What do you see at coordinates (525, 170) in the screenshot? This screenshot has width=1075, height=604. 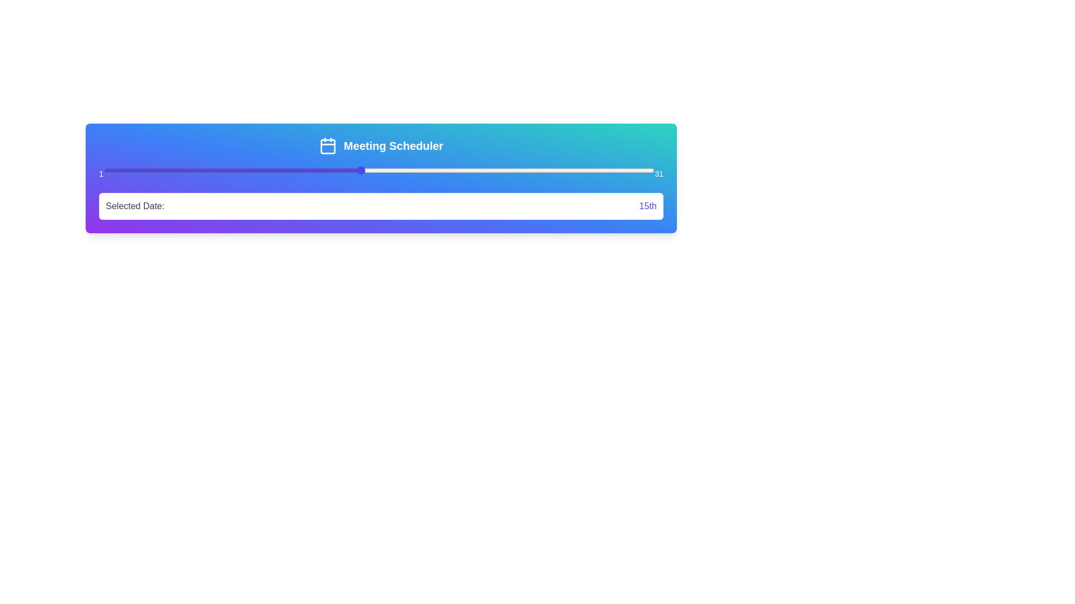 I see `the slider` at bounding box center [525, 170].